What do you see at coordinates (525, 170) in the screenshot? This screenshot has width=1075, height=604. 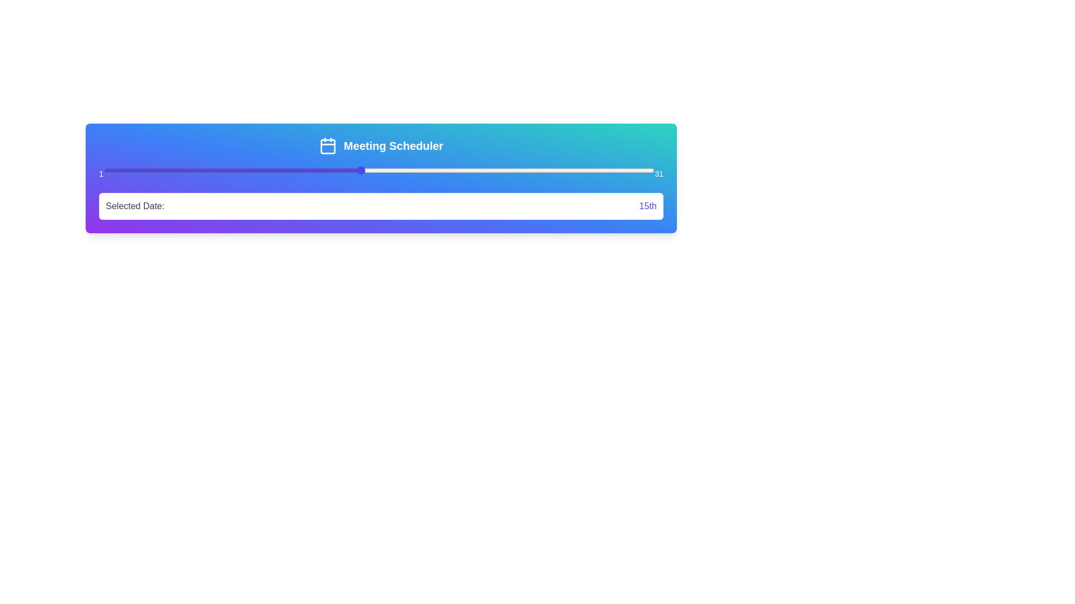 I see `the slider` at bounding box center [525, 170].